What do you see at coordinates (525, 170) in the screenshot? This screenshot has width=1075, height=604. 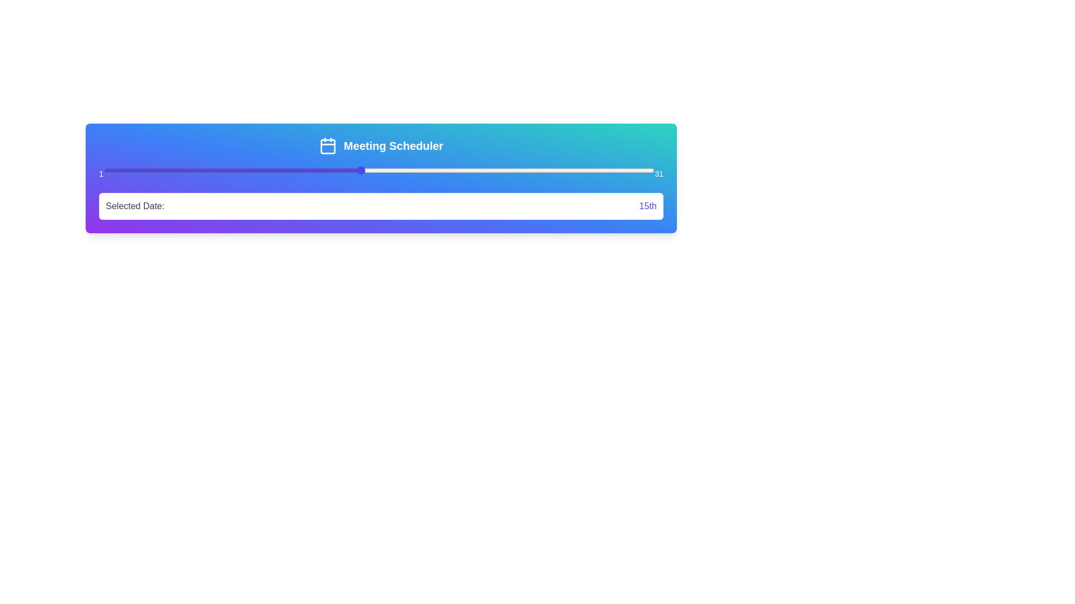 I see `the slider` at bounding box center [525, 170].